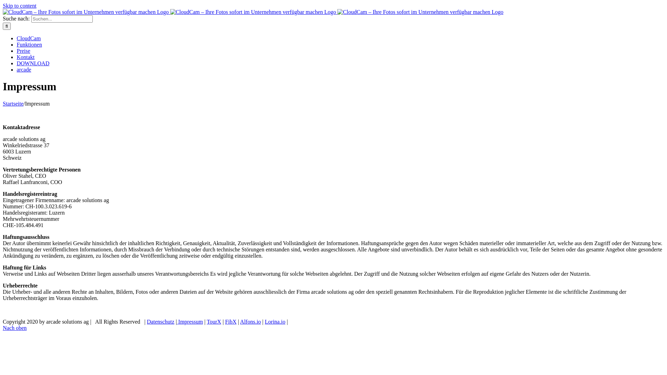  Describe the element at coordinates (190, 322) in the screenshot. I see `'Impressum'` at that location.